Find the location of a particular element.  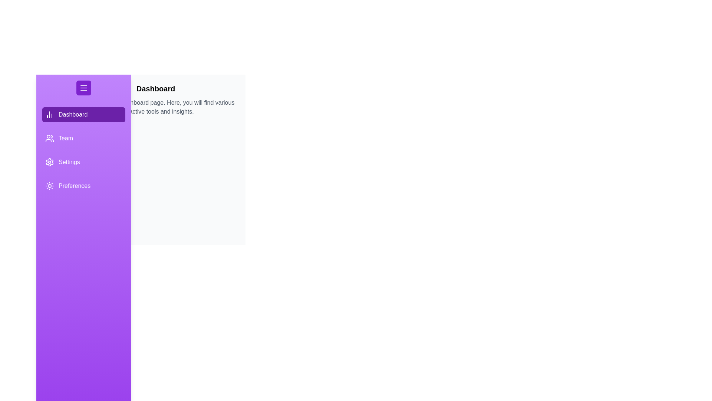

the toggle button to open or close the drawer is located at coordinates (83, 87).